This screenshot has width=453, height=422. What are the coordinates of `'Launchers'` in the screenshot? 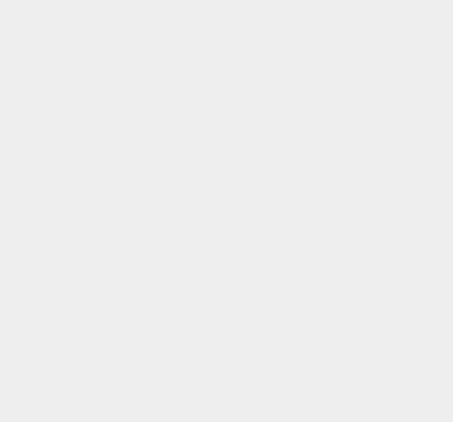 It's located at (333, 154).